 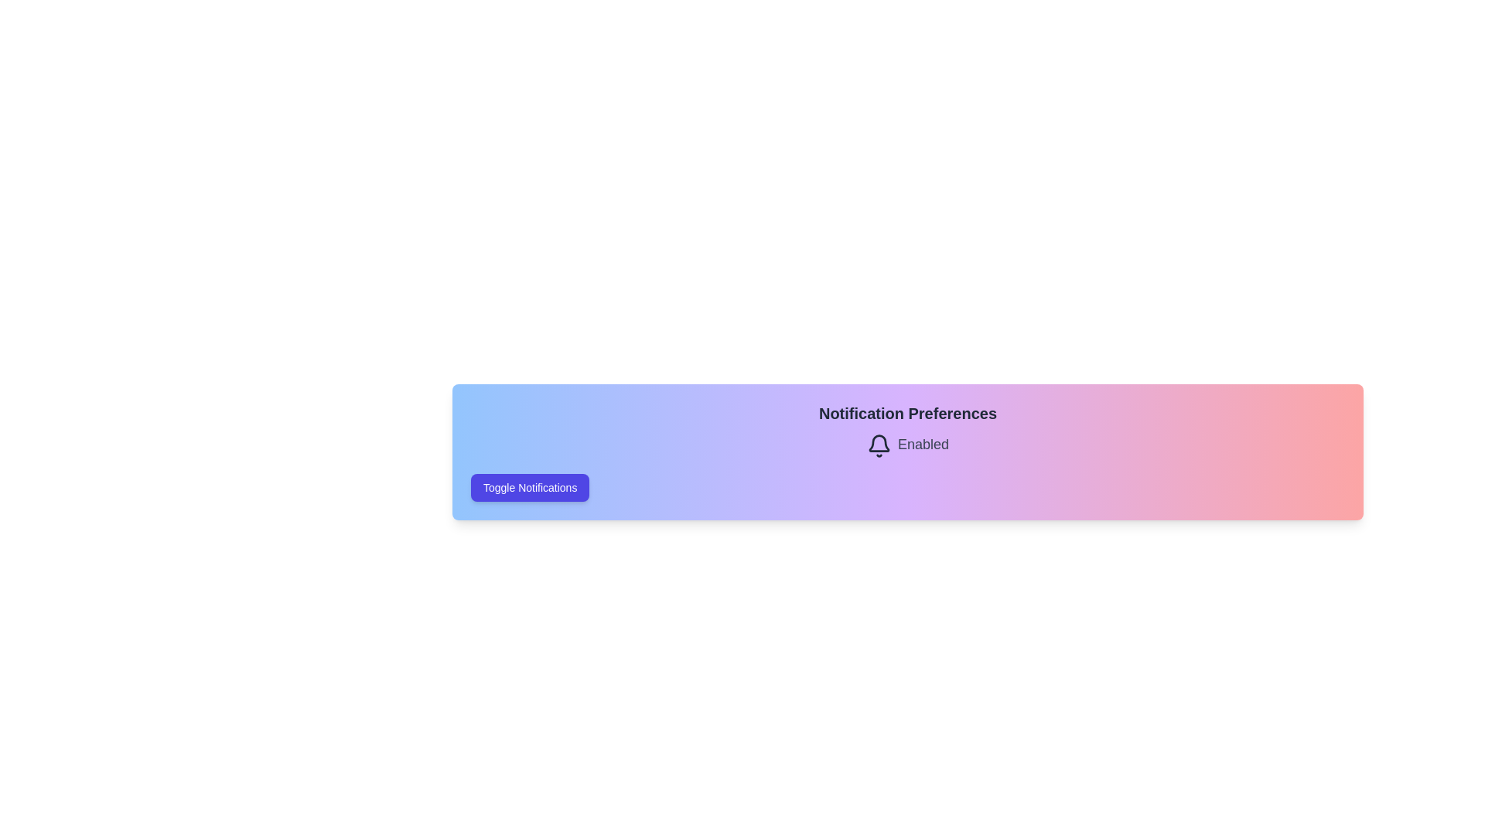 What do you see at coordinates (908, 446) in the screenshot?
I see `the 'Enabled' label with the bell icon, which is located beneath the 'Notification Preferences' heading and above the 'Toggle Notifications' button` at bounding box center [908, 446].